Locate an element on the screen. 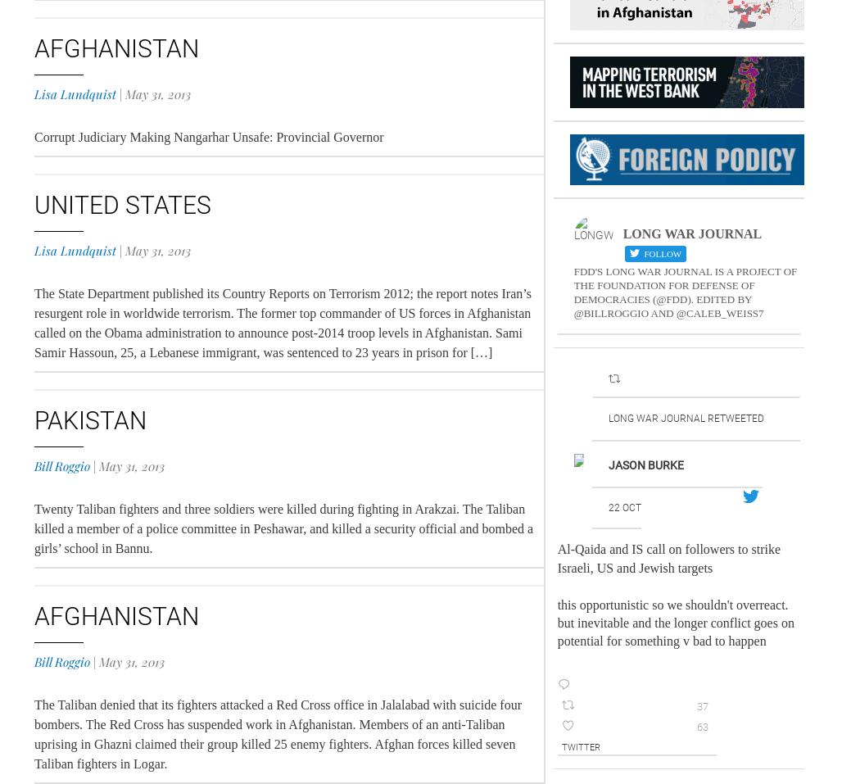 This screenshot has width=851, height=784. 'Al-Qaida and IS call on followers to strike Israeli, US and Jewish targets' is located at coordinates (668, 558).